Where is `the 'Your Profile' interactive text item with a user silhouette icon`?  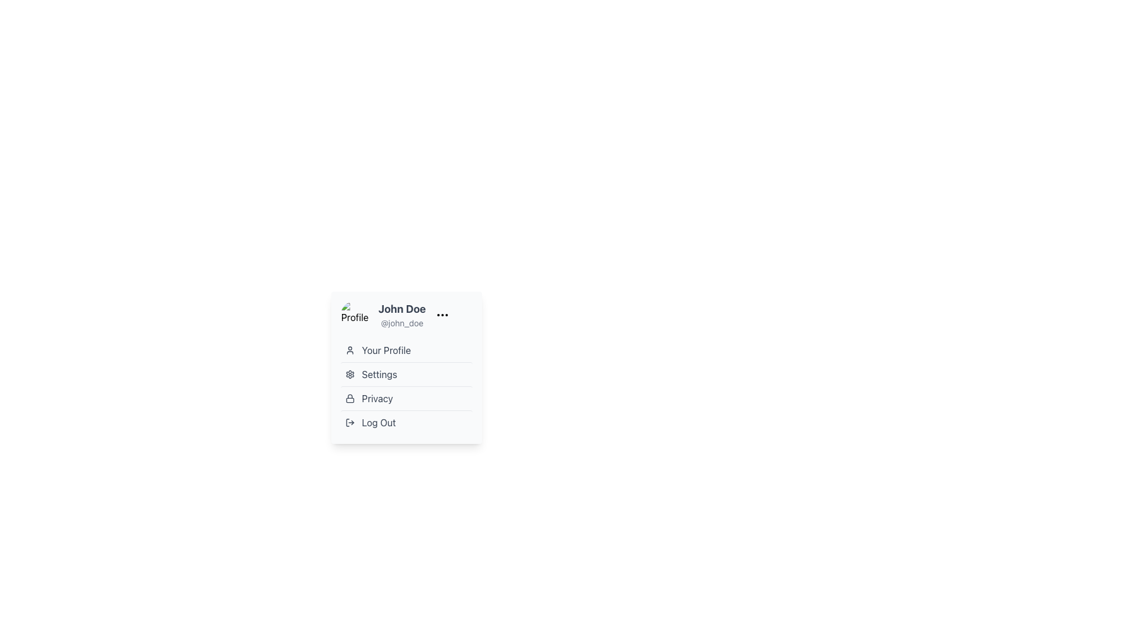
the 'Your Profile' interactive text item with a user silhouette icon is located at coordinates (407, 350).